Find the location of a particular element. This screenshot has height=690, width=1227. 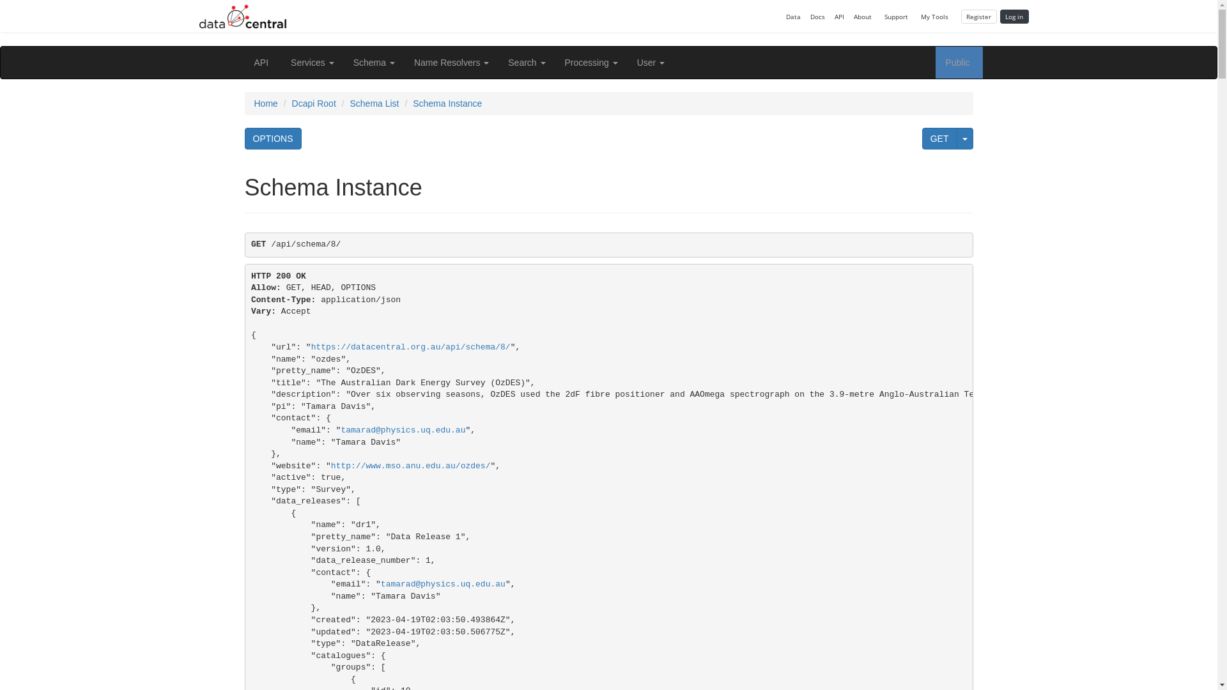

'Docs' is located at coordinates (816, 17).